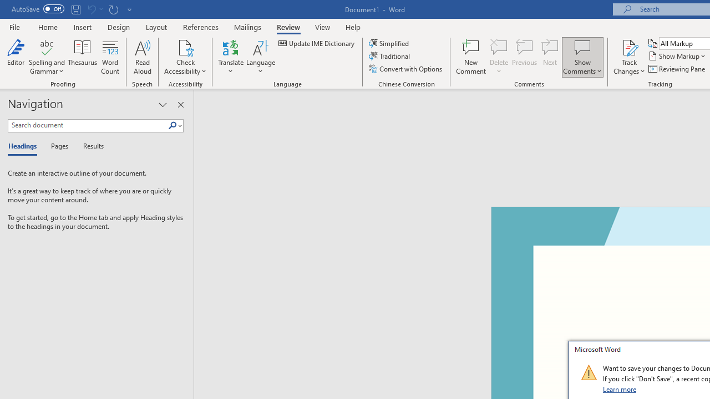 The width and height of the screenshot is (710, 399). I want to click on 'File Tab', so click(14, 26).